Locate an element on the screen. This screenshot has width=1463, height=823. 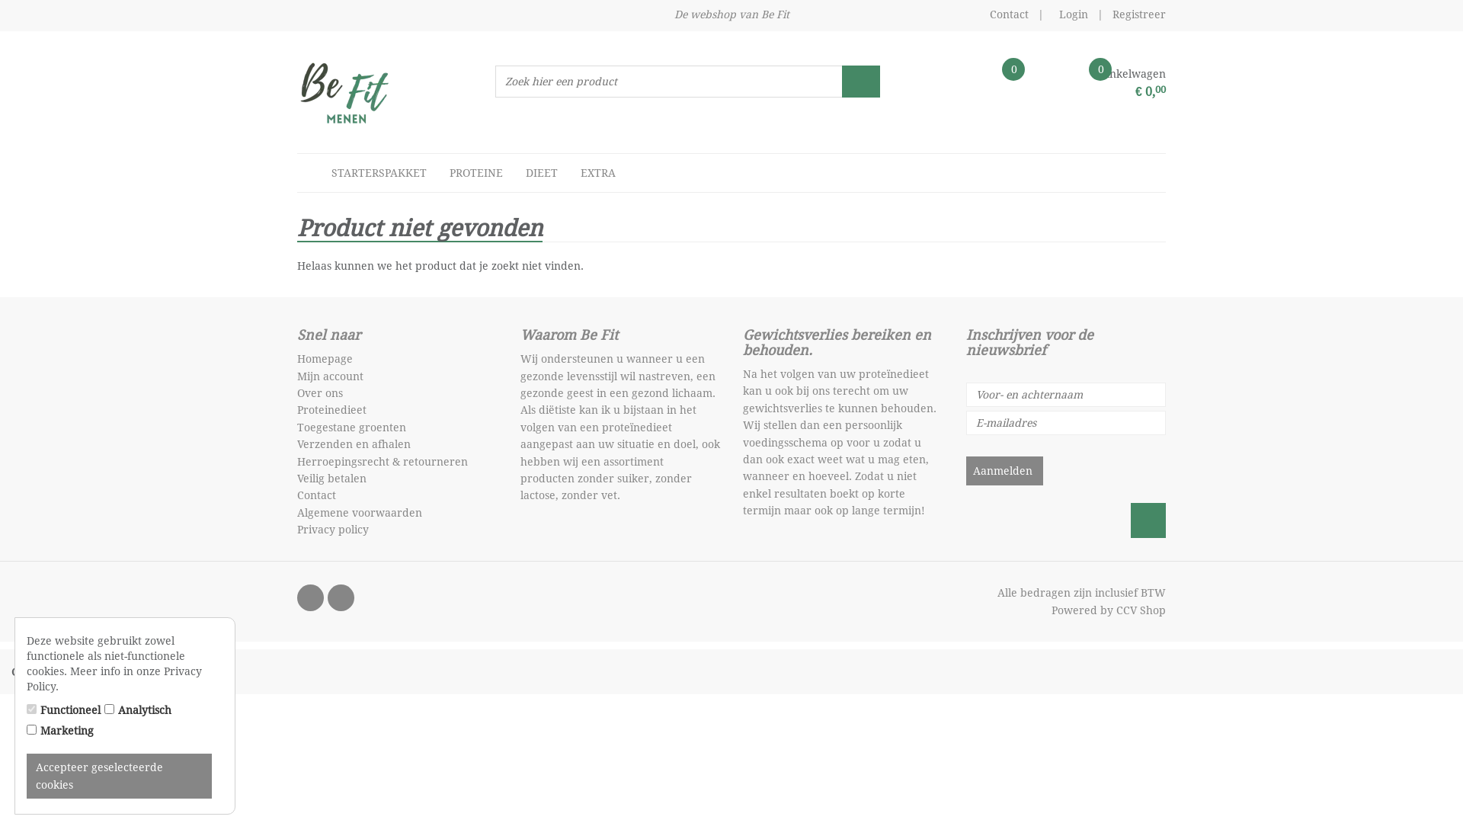
'DIEET' is located at coordinates (514, 172).